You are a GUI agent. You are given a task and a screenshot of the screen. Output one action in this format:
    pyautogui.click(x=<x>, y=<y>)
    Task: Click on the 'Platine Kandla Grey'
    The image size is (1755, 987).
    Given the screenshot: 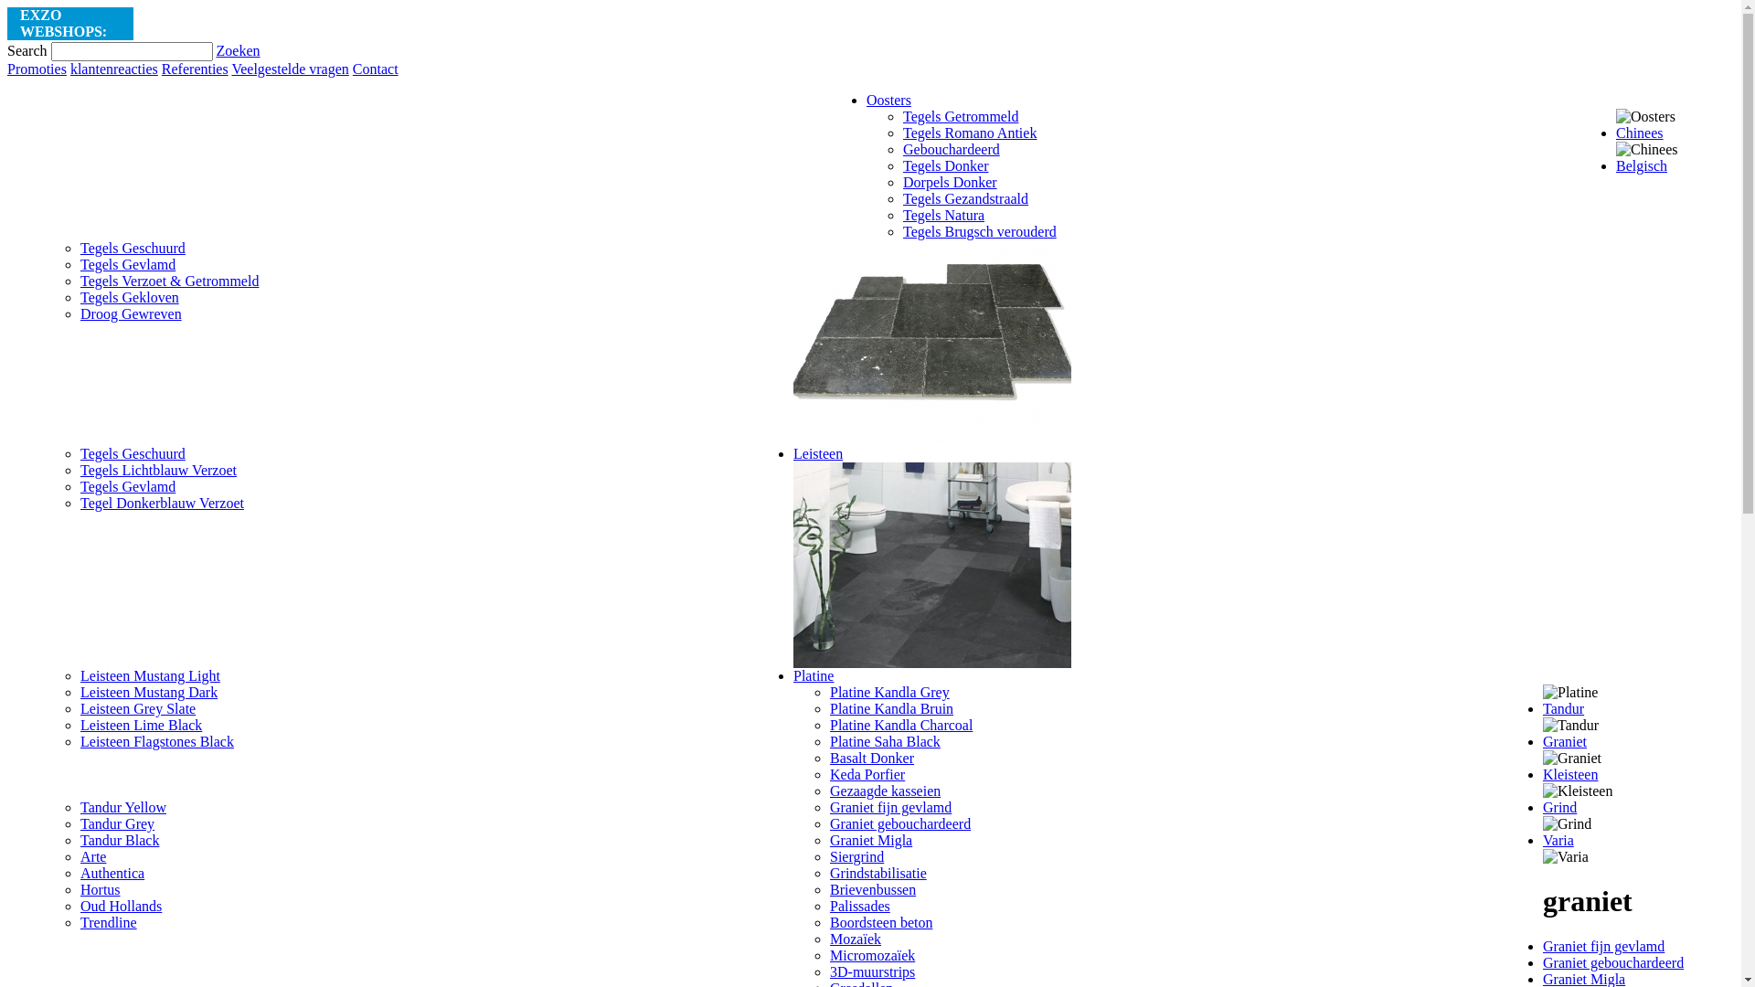 What is the action you would take?
    pyautogui.click(x=828, y=692)
    